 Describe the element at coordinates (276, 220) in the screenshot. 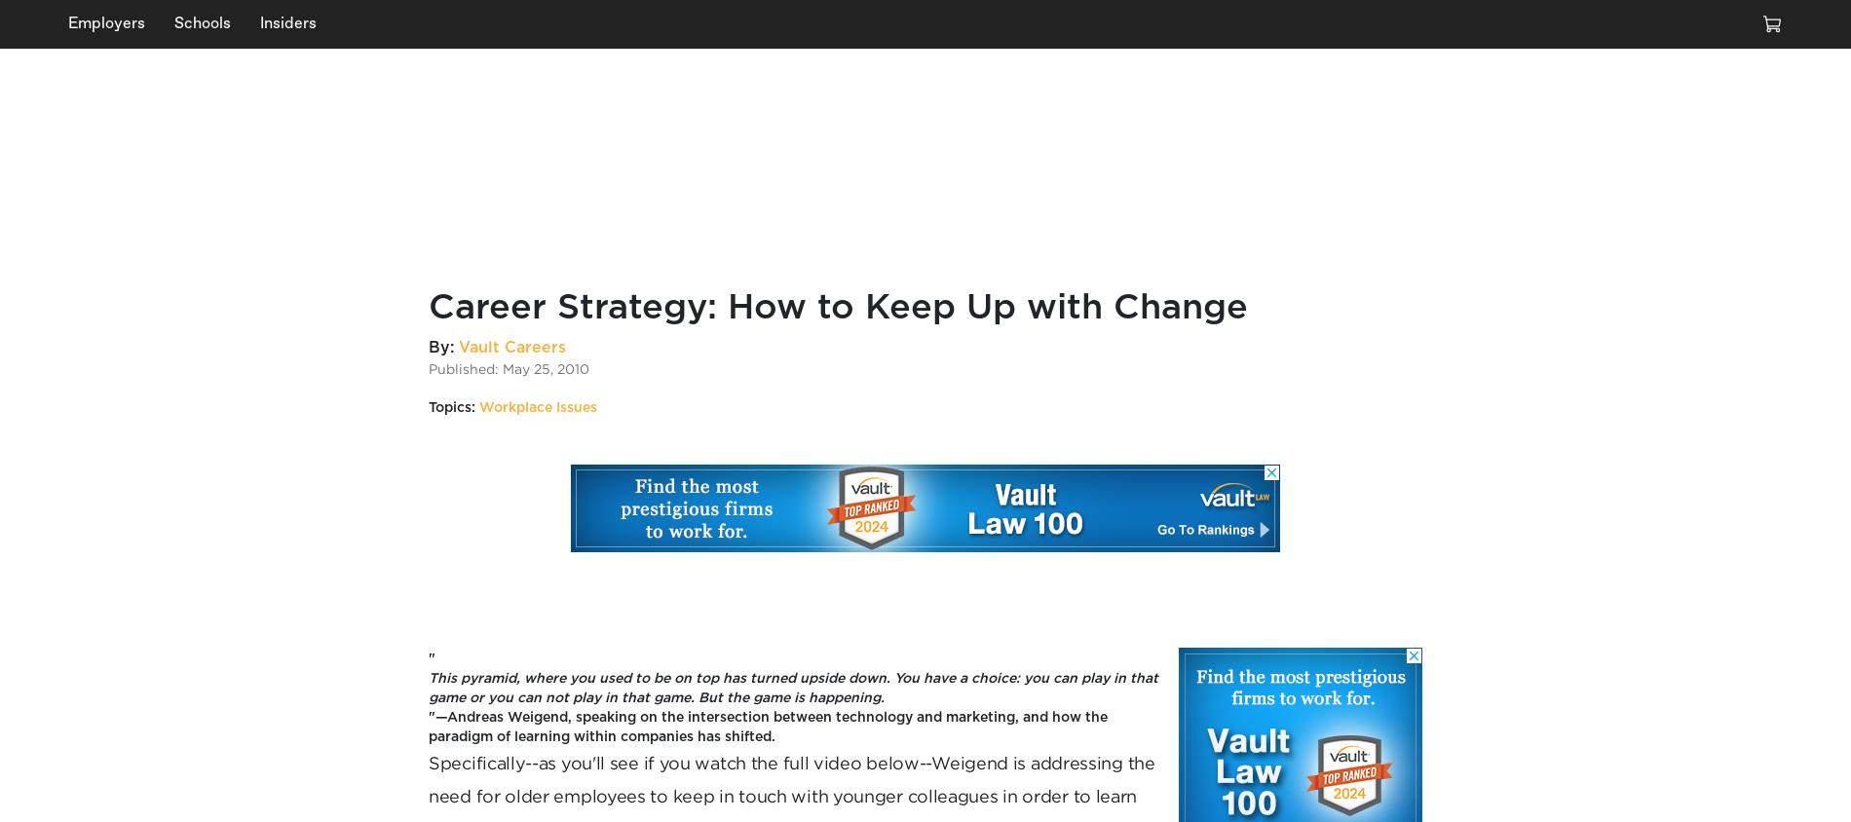

I see `'83 percent'` at that location.